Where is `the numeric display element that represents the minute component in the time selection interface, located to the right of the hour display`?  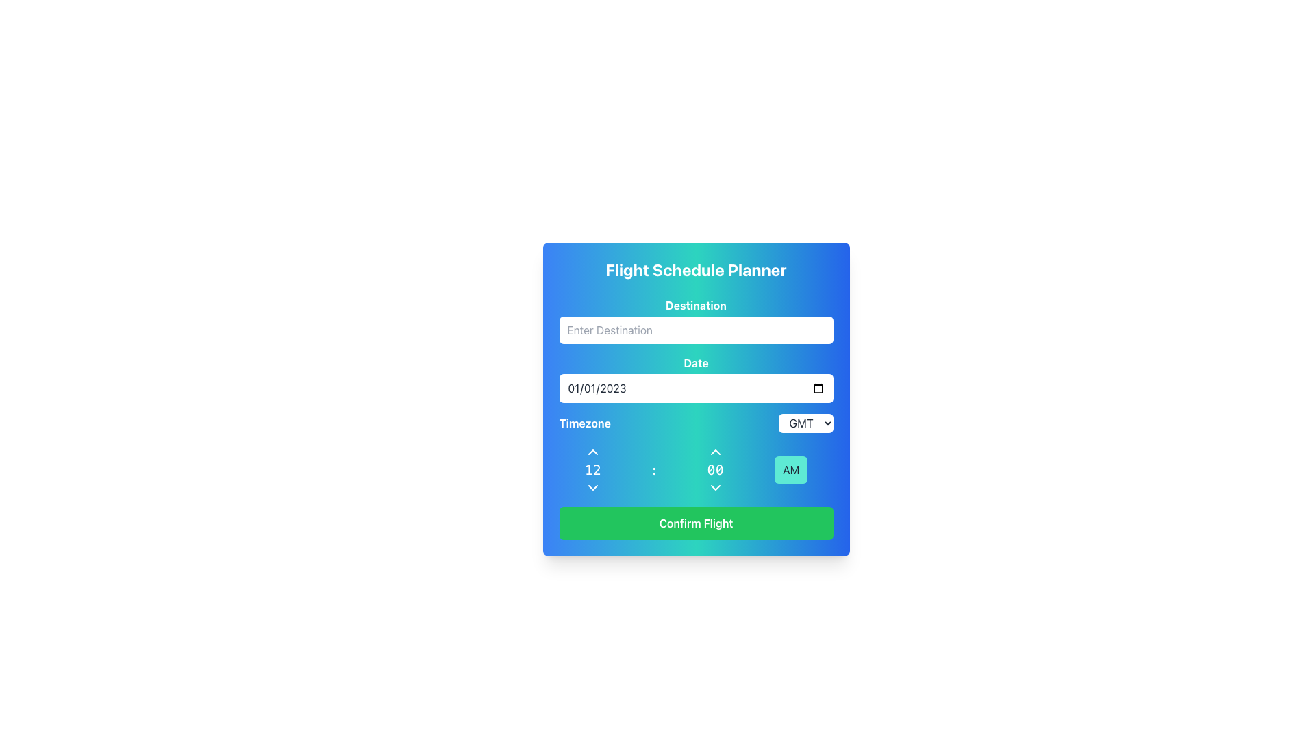 the numeric display element that represents the minute component in the time selection interface, located to the right of the hour display is located at coordinates (714, 469).